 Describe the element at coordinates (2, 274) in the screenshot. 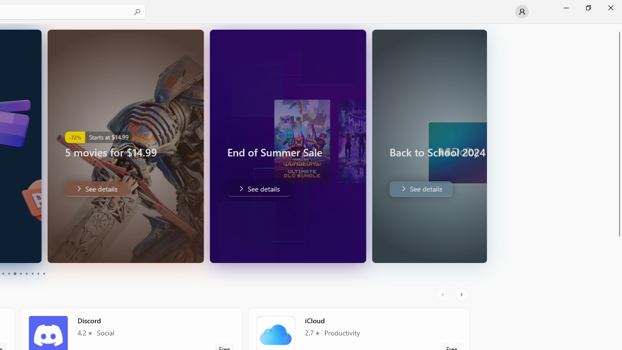

I see `'Page 3'` at that location.